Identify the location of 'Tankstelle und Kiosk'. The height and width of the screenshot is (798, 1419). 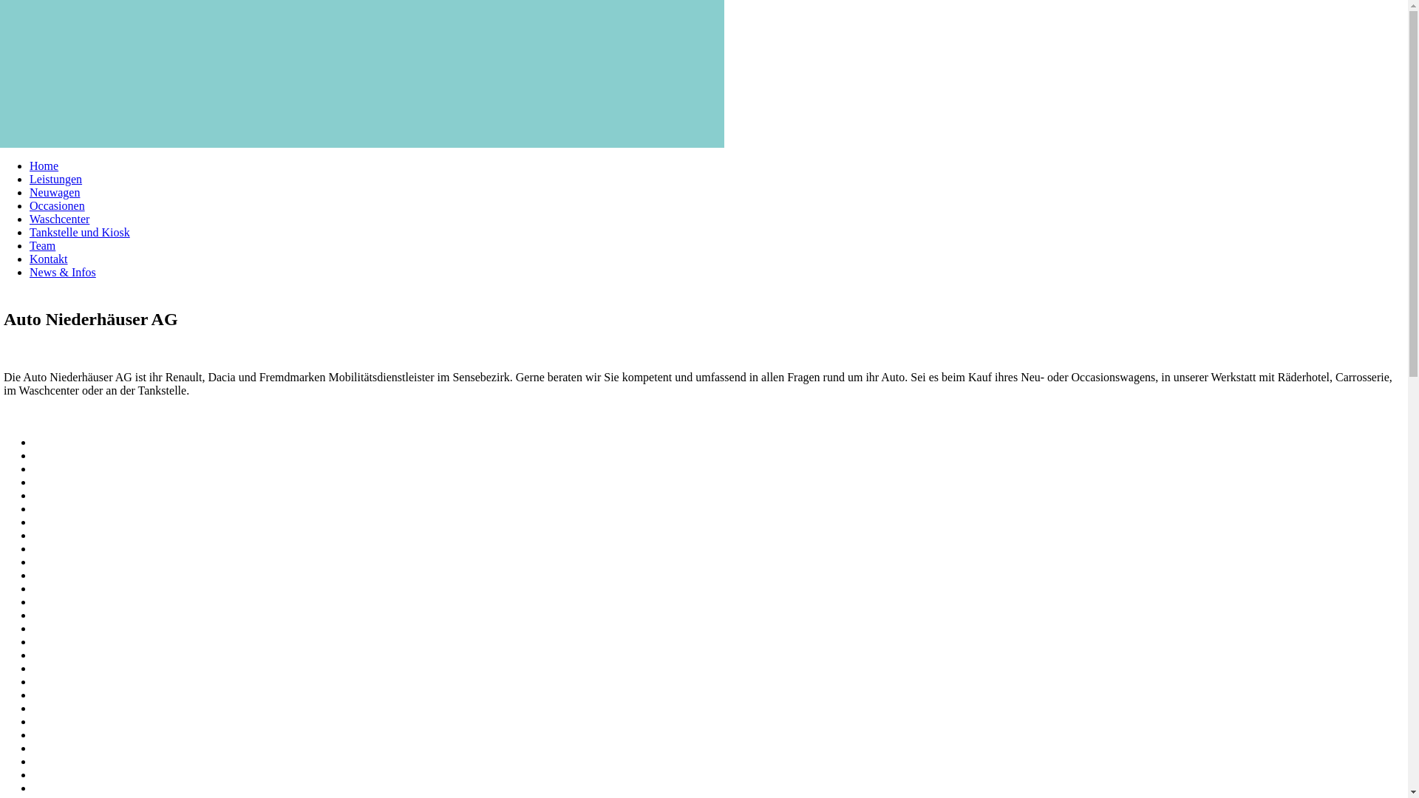
(78, 232).